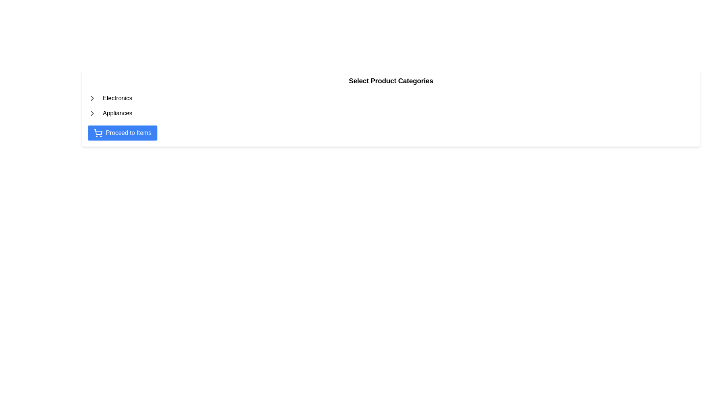  What do you see at coordinates (98, 133) in the screenshot?
I see `the shopping cart icon located to the left of the 'Proceed to Items' button with a blue background and white text` at bounding box center [98, 133].